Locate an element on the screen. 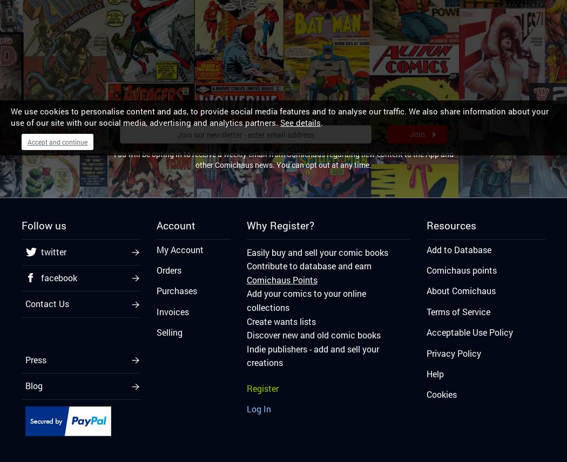  'We use cookies to personalise content and ads, to provide social media features and to analyse our traffic. We also share information about your use of our site with our social media, advertising and analytics partners.' is located at coordinates (10, 117).